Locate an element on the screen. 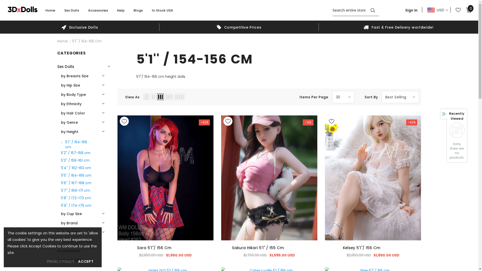 The height and width of the screenshot is (271, 482). 'by Hair Color' is located at coordinates (60, 113).